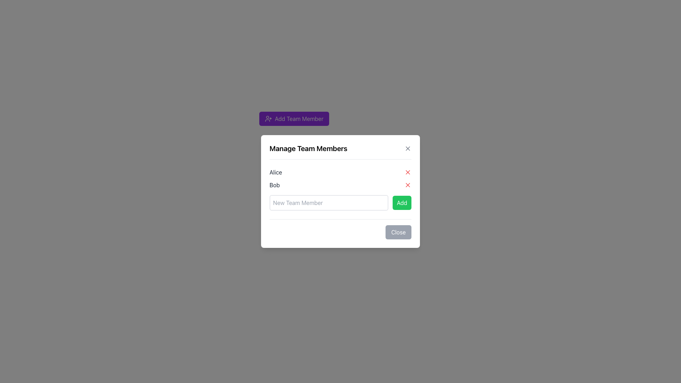 This screenshot has height=383, width=681. Describe the element at coordinates (408, 148) in the screenshot. I see `the 'X' icon in the top-right corner of the 'Manage Team Members' dialog box, which is used to close the dialog` at that location.